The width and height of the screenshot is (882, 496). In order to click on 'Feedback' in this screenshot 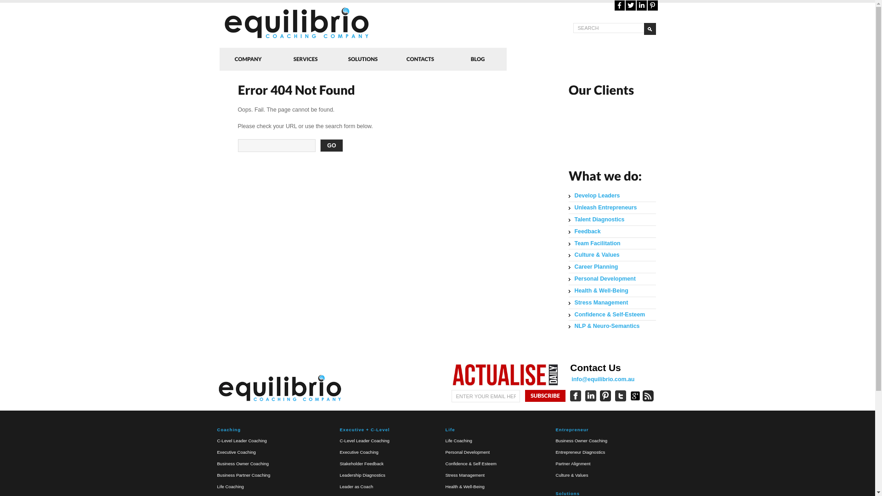, I will do `click(585, 231)`.